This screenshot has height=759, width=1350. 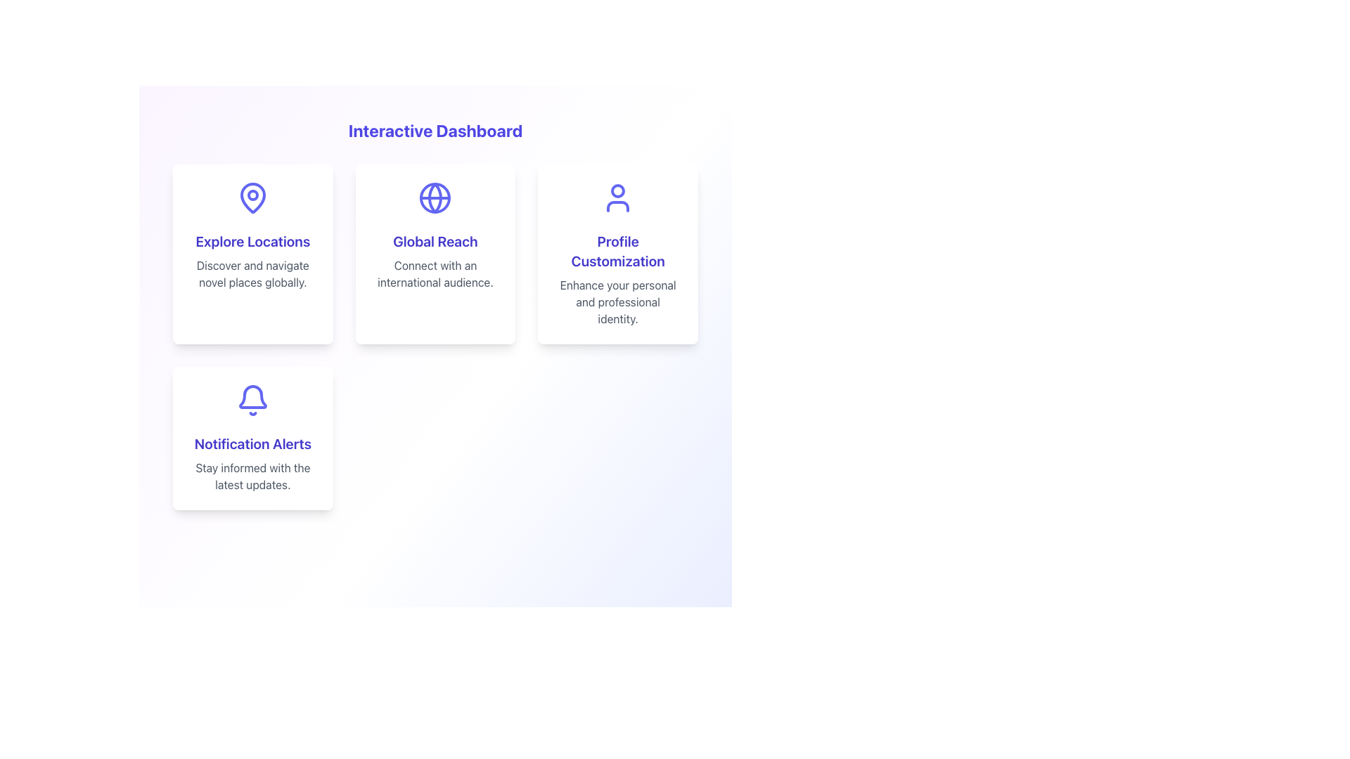 What do you see at coordinates (252, 195) in the screenshot?
I see `the small circular icon with a thin border inside the pin location marker, situated above the 'Explore Locations' text in the first card of the top row` at bounding box center [252, 195].